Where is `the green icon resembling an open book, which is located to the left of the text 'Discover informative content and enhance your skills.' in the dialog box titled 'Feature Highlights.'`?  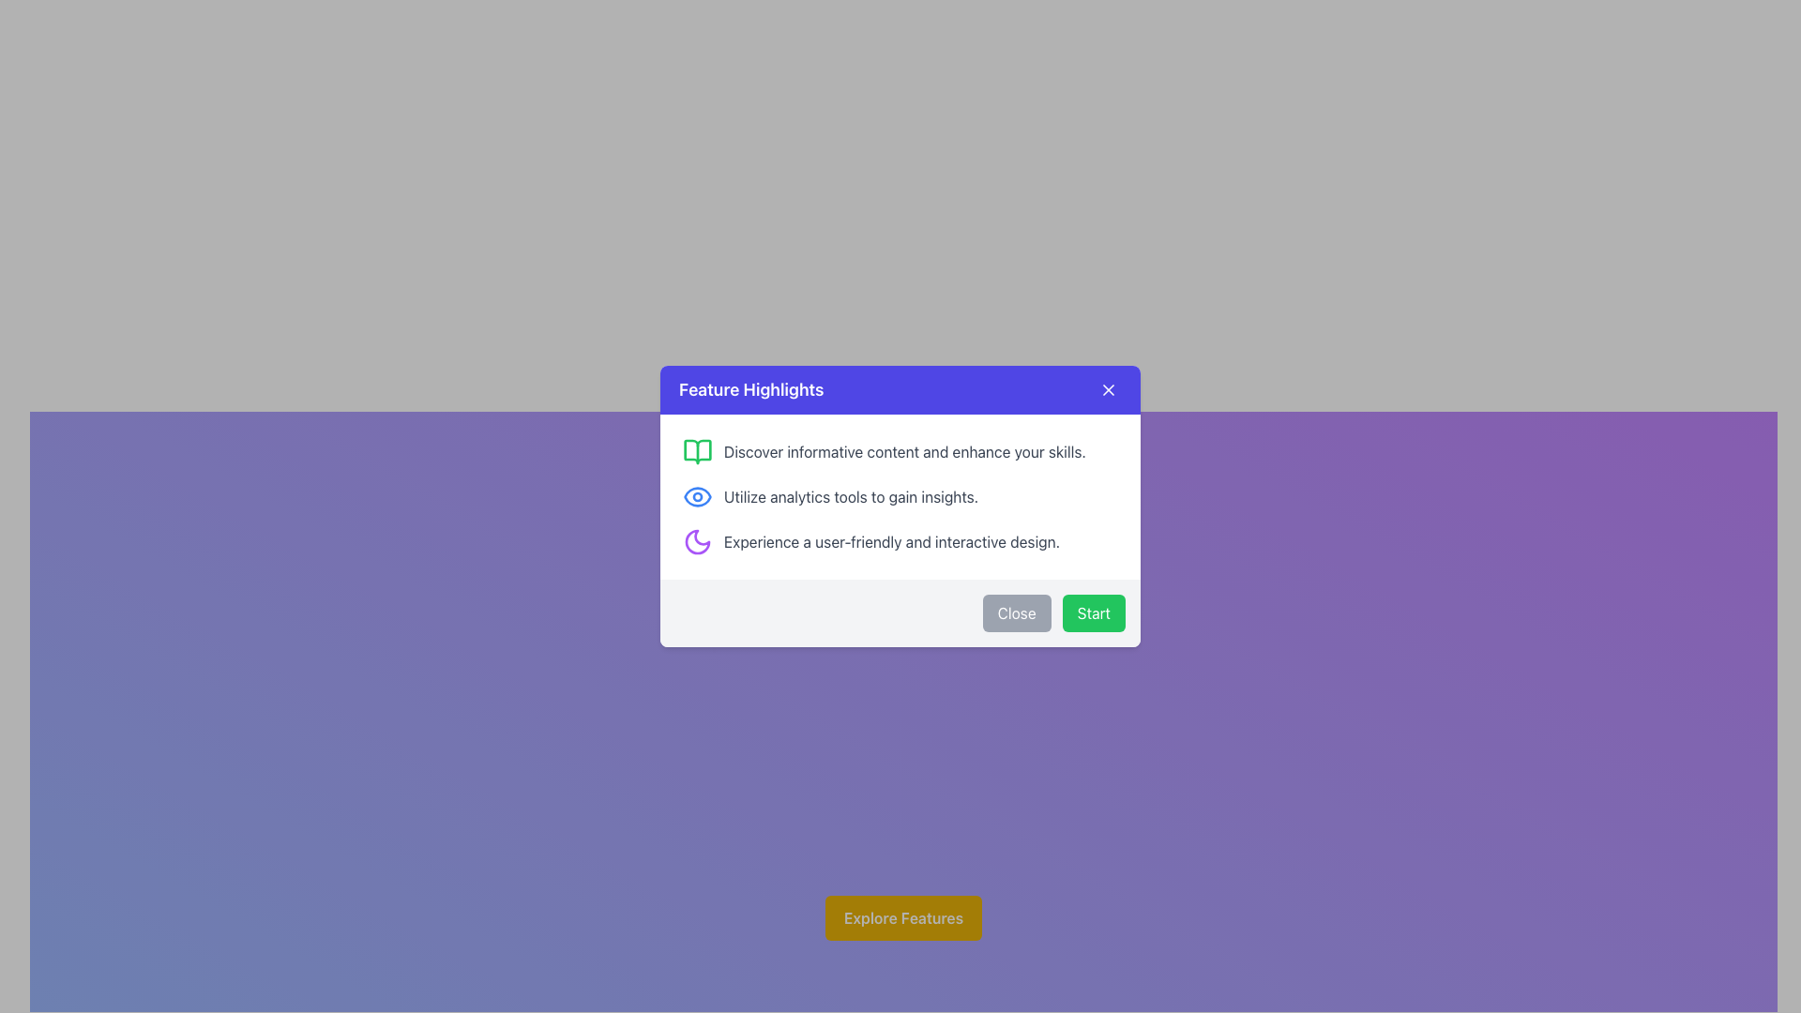
the green icon resembling an open book, which is located to the left of the text 'Discover informative content and enhance your skills.' in the dialog box titled 'Feature Highlights.' is located at coordinates (697, 452).